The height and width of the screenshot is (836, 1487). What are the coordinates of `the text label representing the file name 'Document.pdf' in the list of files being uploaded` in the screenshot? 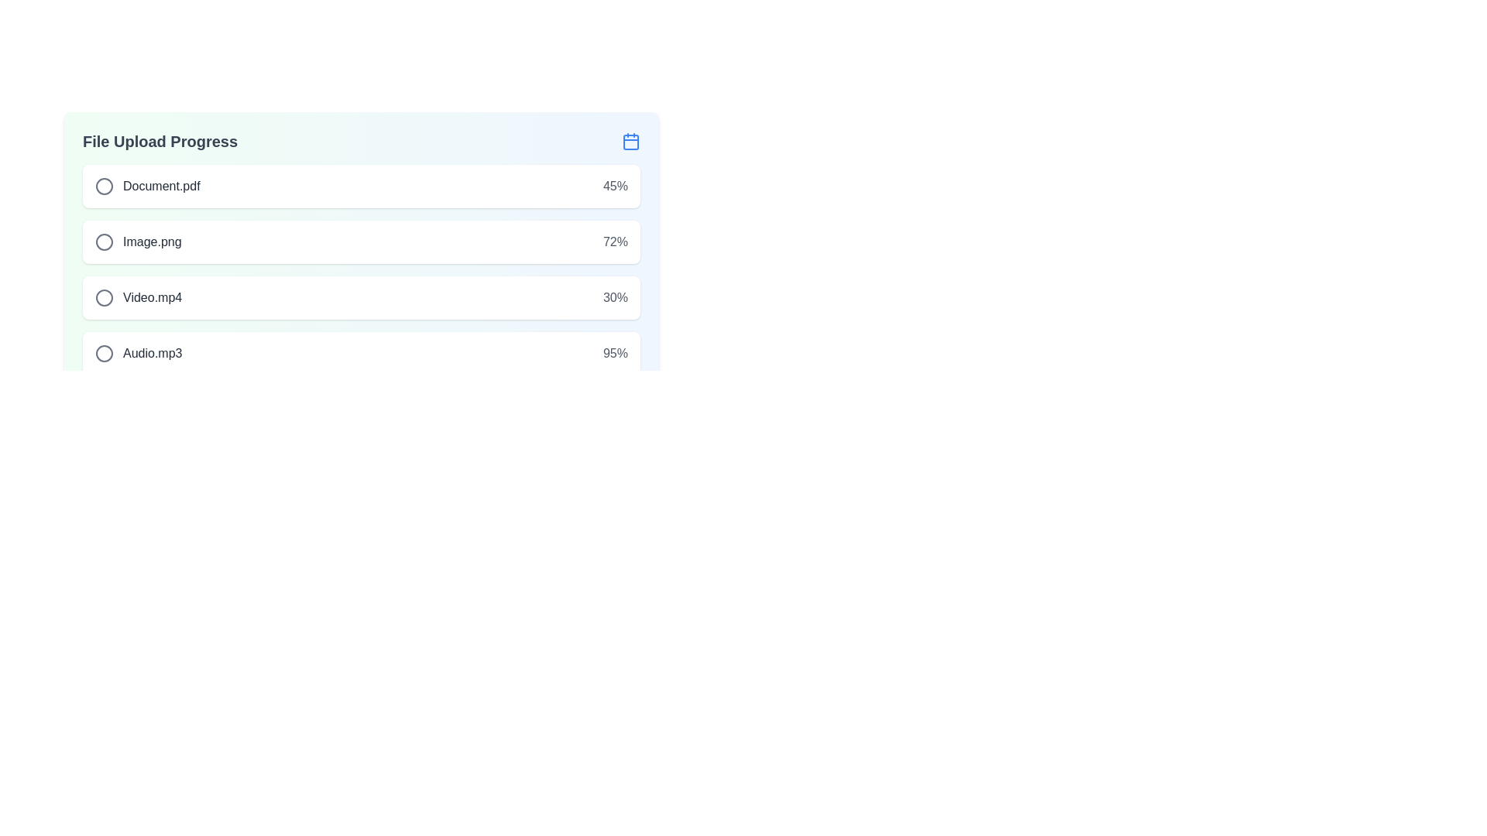 It's located at (161, 185).